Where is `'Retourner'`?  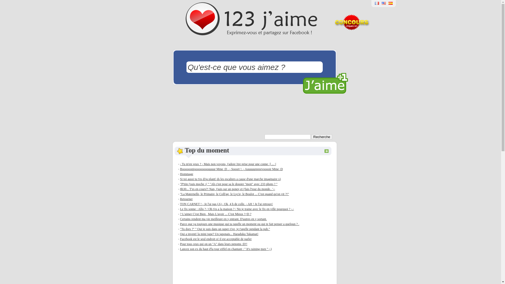
'Retourner' is located at coordinates (186, 199).